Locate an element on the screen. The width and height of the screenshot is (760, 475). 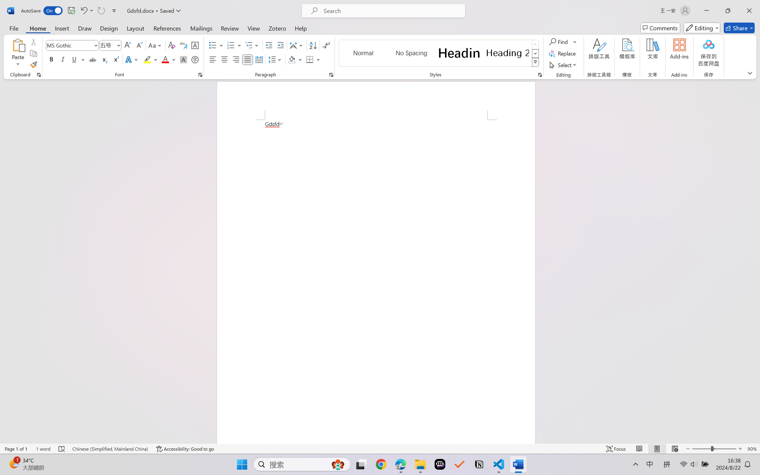
'Class: MsoCommandBar' is located at coordinates (380, 449).